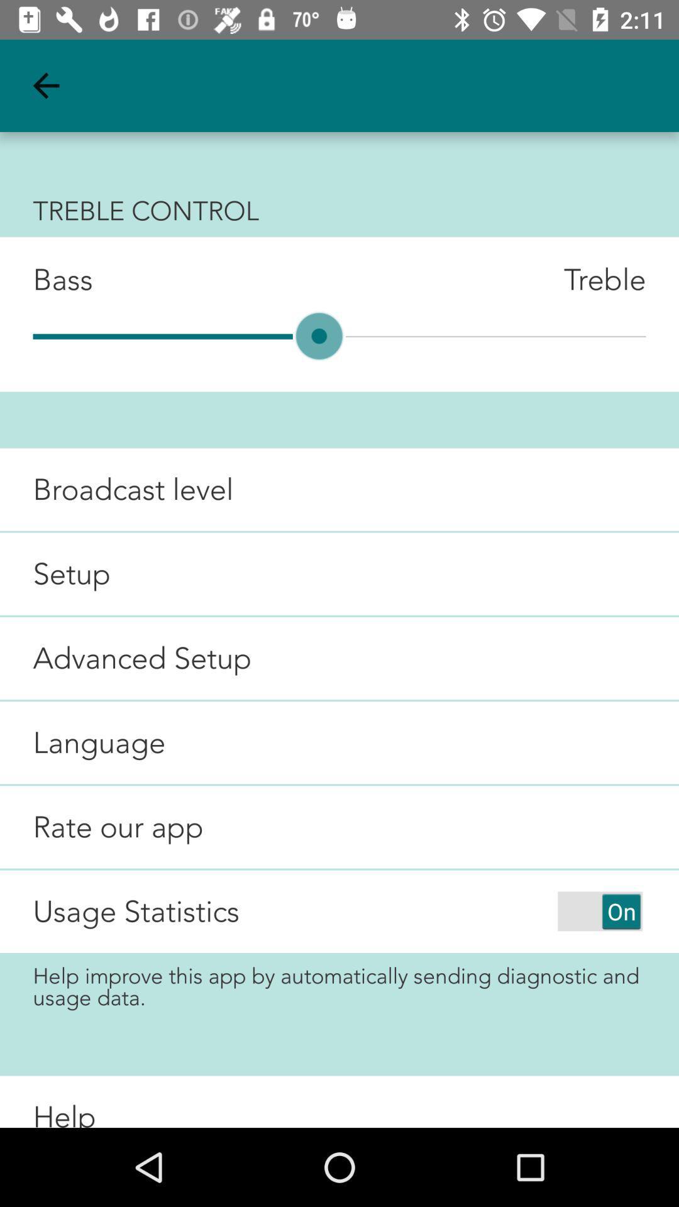  Describe the element at coordinates (116, 488) in the screenshot. I see `the broadcast level item` at that location.